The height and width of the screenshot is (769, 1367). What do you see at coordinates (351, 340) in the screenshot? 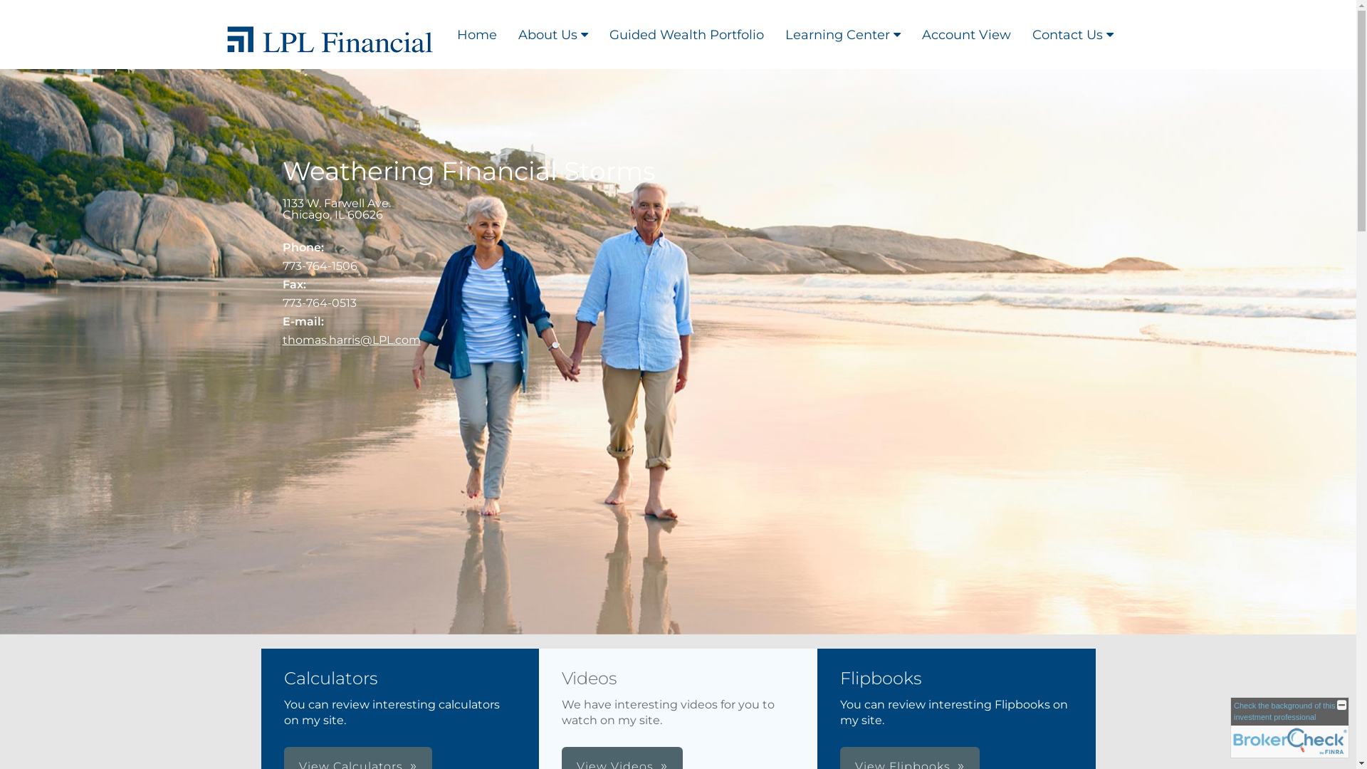
I see `'thomas.harris@LPL.com'` at bounding box center [351, 340].